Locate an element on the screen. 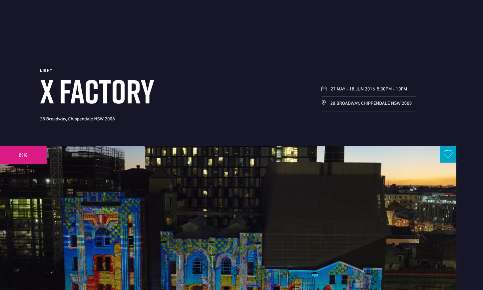 Image resolution: width=483 pixels, height=290 pixels. 'Partners' is located at coordinates (72, 272).